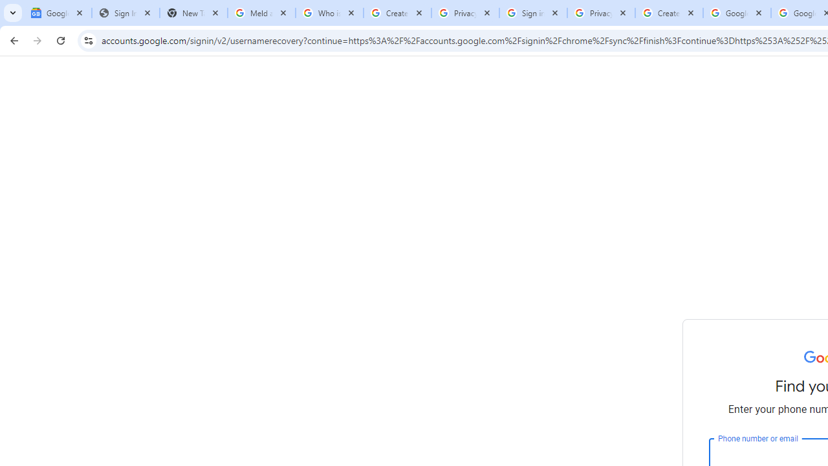  Describe the element at coordinates (193, 13) in the screenshot. I see `'New Tab'` at that location.